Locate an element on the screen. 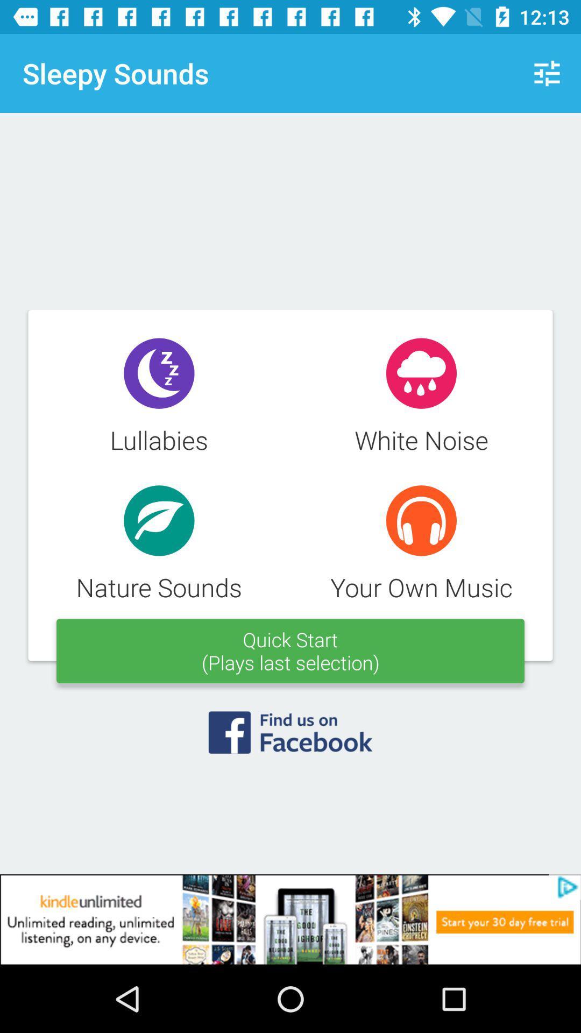 The width and height of the screenshot is (581, 1033). facebook advertisement is located at coordinates (290, 739).